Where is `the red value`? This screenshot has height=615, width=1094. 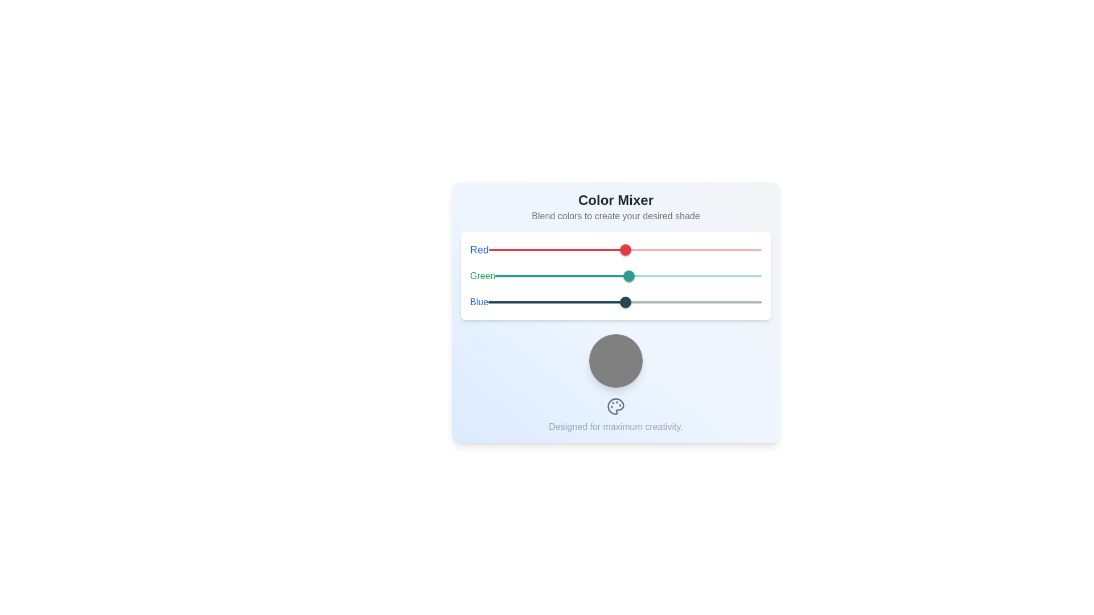
the red value is located at coordinates (704, 249).